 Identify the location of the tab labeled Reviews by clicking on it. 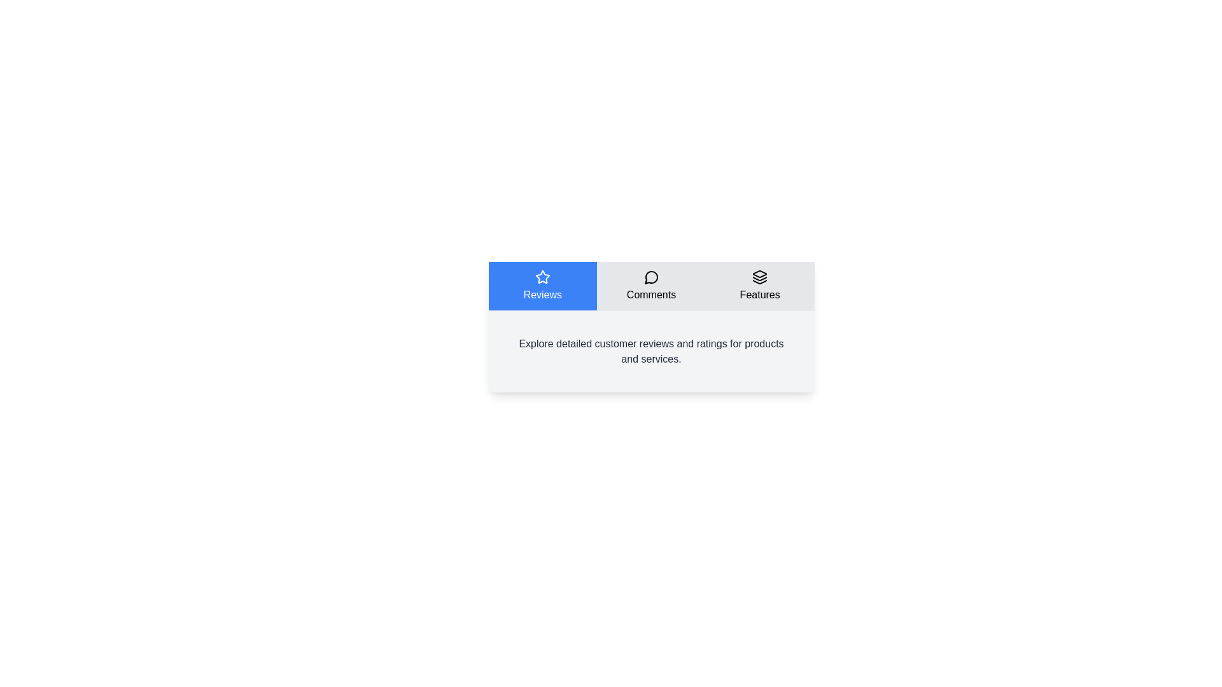
(542, 286).